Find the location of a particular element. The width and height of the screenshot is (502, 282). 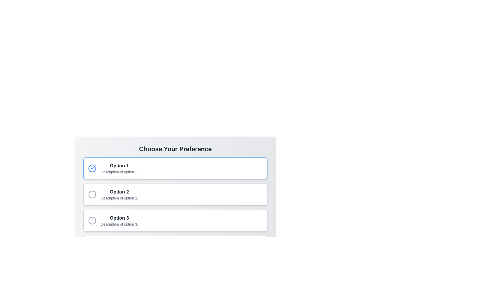

the bold textual heading displaying 'Choose Your Preference', located at the top of the selection panel is located at coordinates (175, 149).